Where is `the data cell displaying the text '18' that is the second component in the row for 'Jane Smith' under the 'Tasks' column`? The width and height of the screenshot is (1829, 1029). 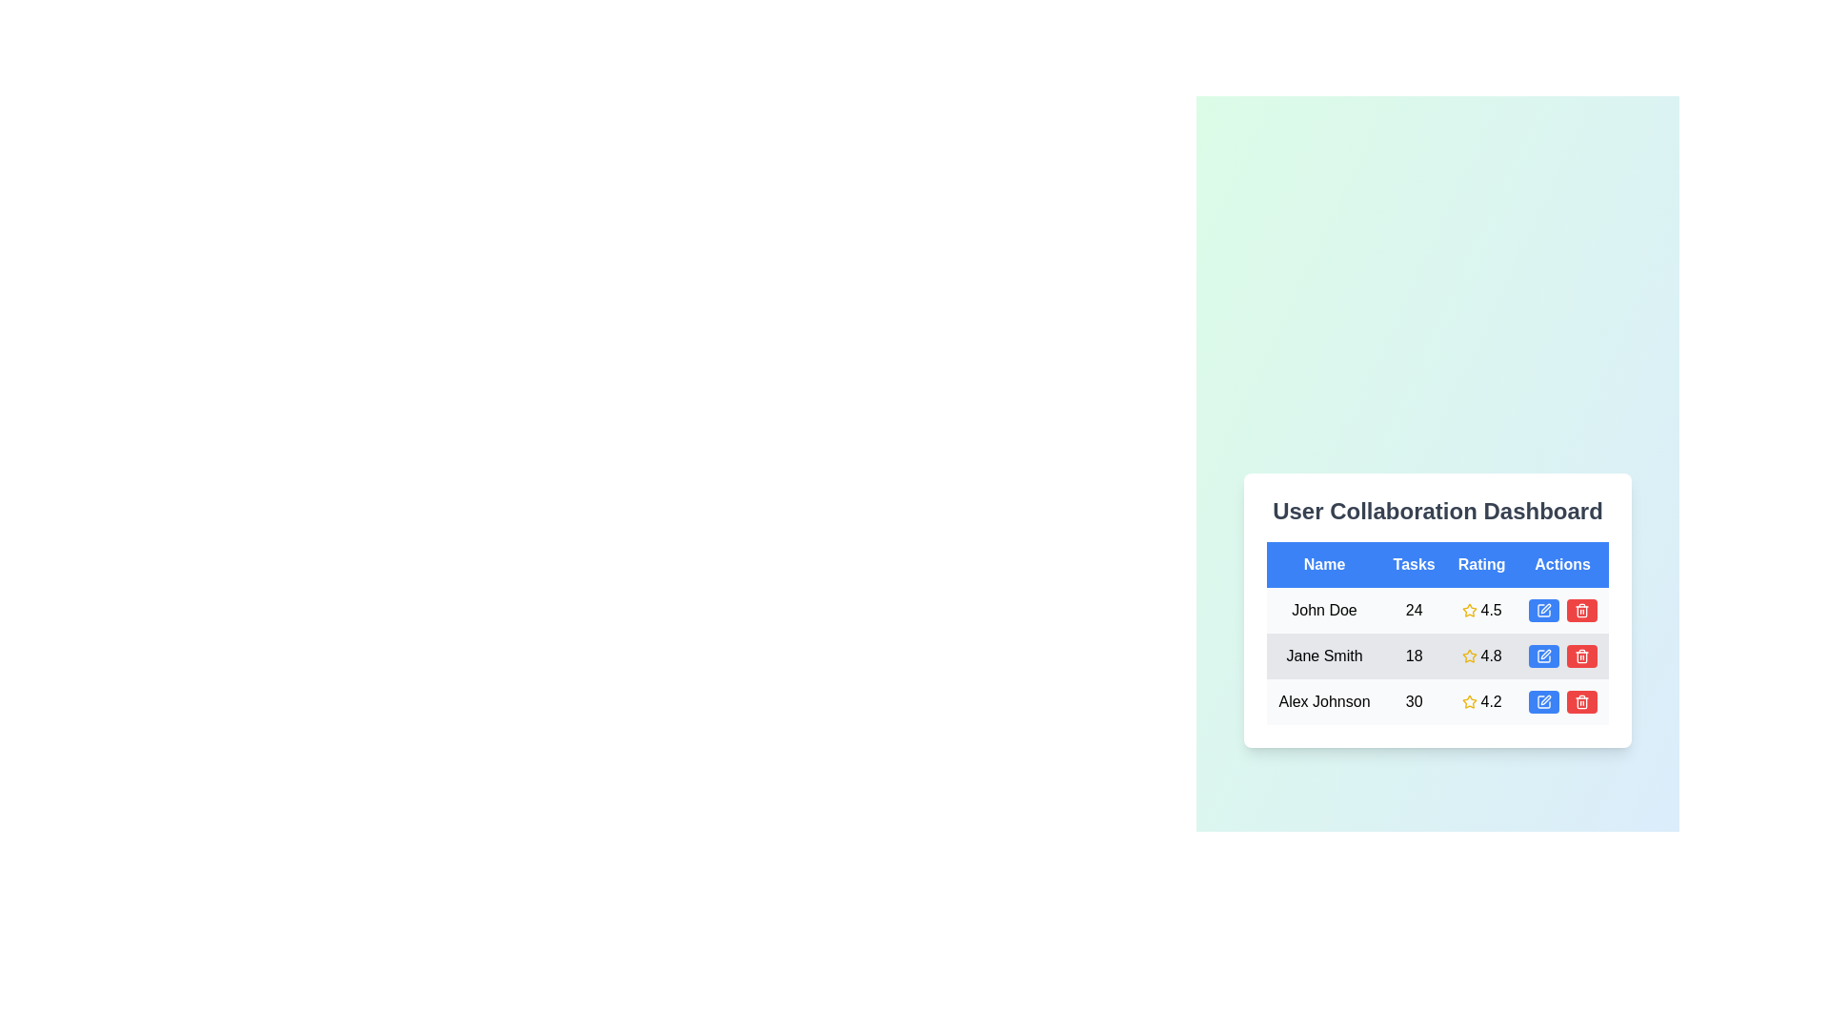
the data cell displaying the text '18' that is the second component in the row for 'Jane Smith' under the 'Tasks' column is located at coordinates (1414, 656).